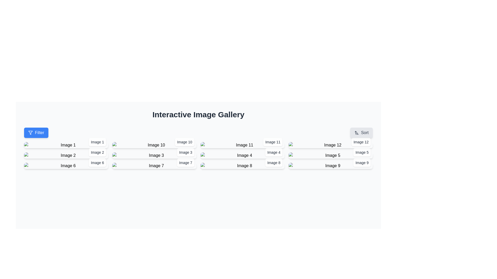 The width and height of the screenshot is (497, 279). I want to click on the text label displaying 'Image 6' in a small, gray font located at the bottom-right of the third image thumbnail in the grid layout, so click(97, 162).